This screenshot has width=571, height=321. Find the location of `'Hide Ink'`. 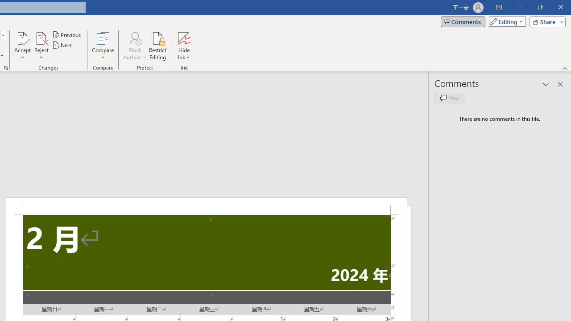

'Hide Ink' is located at coordinates (183, 46).